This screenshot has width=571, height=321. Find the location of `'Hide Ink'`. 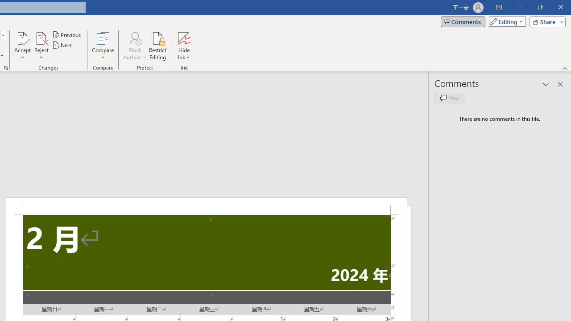

'Hide Ink' is located at coordinates (183, 46).